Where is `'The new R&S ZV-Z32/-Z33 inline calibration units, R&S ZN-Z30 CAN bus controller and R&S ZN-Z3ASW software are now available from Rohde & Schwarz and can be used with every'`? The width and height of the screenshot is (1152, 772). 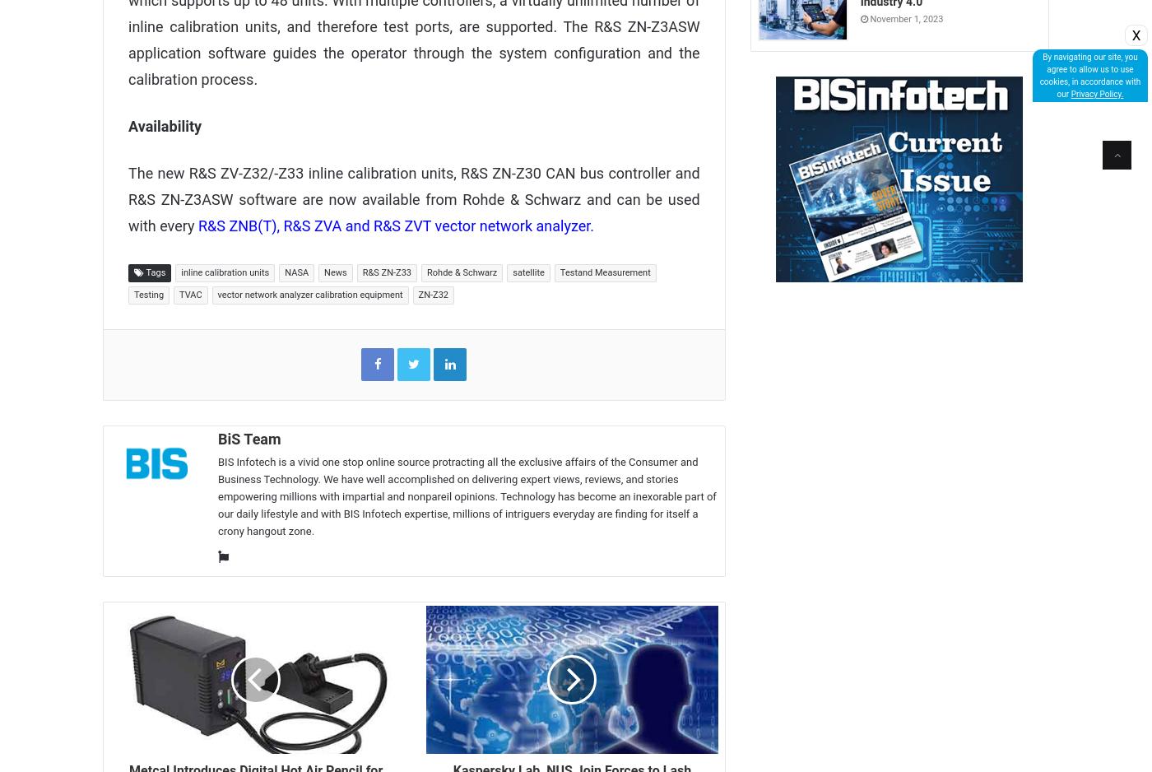 'The new R&S ZV-Z32/-Z33 inline calibration units, R&S ZN-Z30 CAN bus controller and R&S ZN-Z3ASW software are now available from Rohde & Schwarz and can be used with every' is located at coordinates (413, 198).